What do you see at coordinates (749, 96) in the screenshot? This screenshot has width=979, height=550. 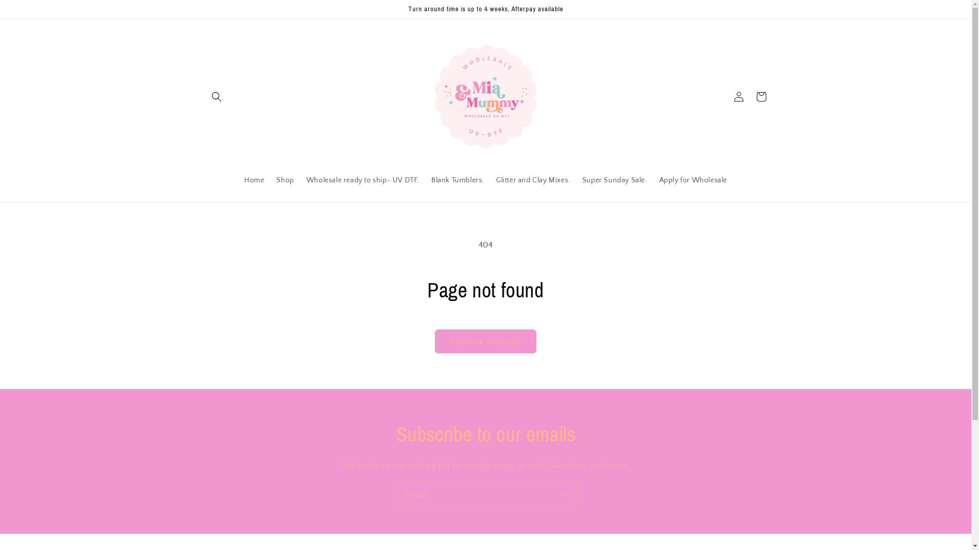 I see `'Cart'` at bounding box center [749, 96].